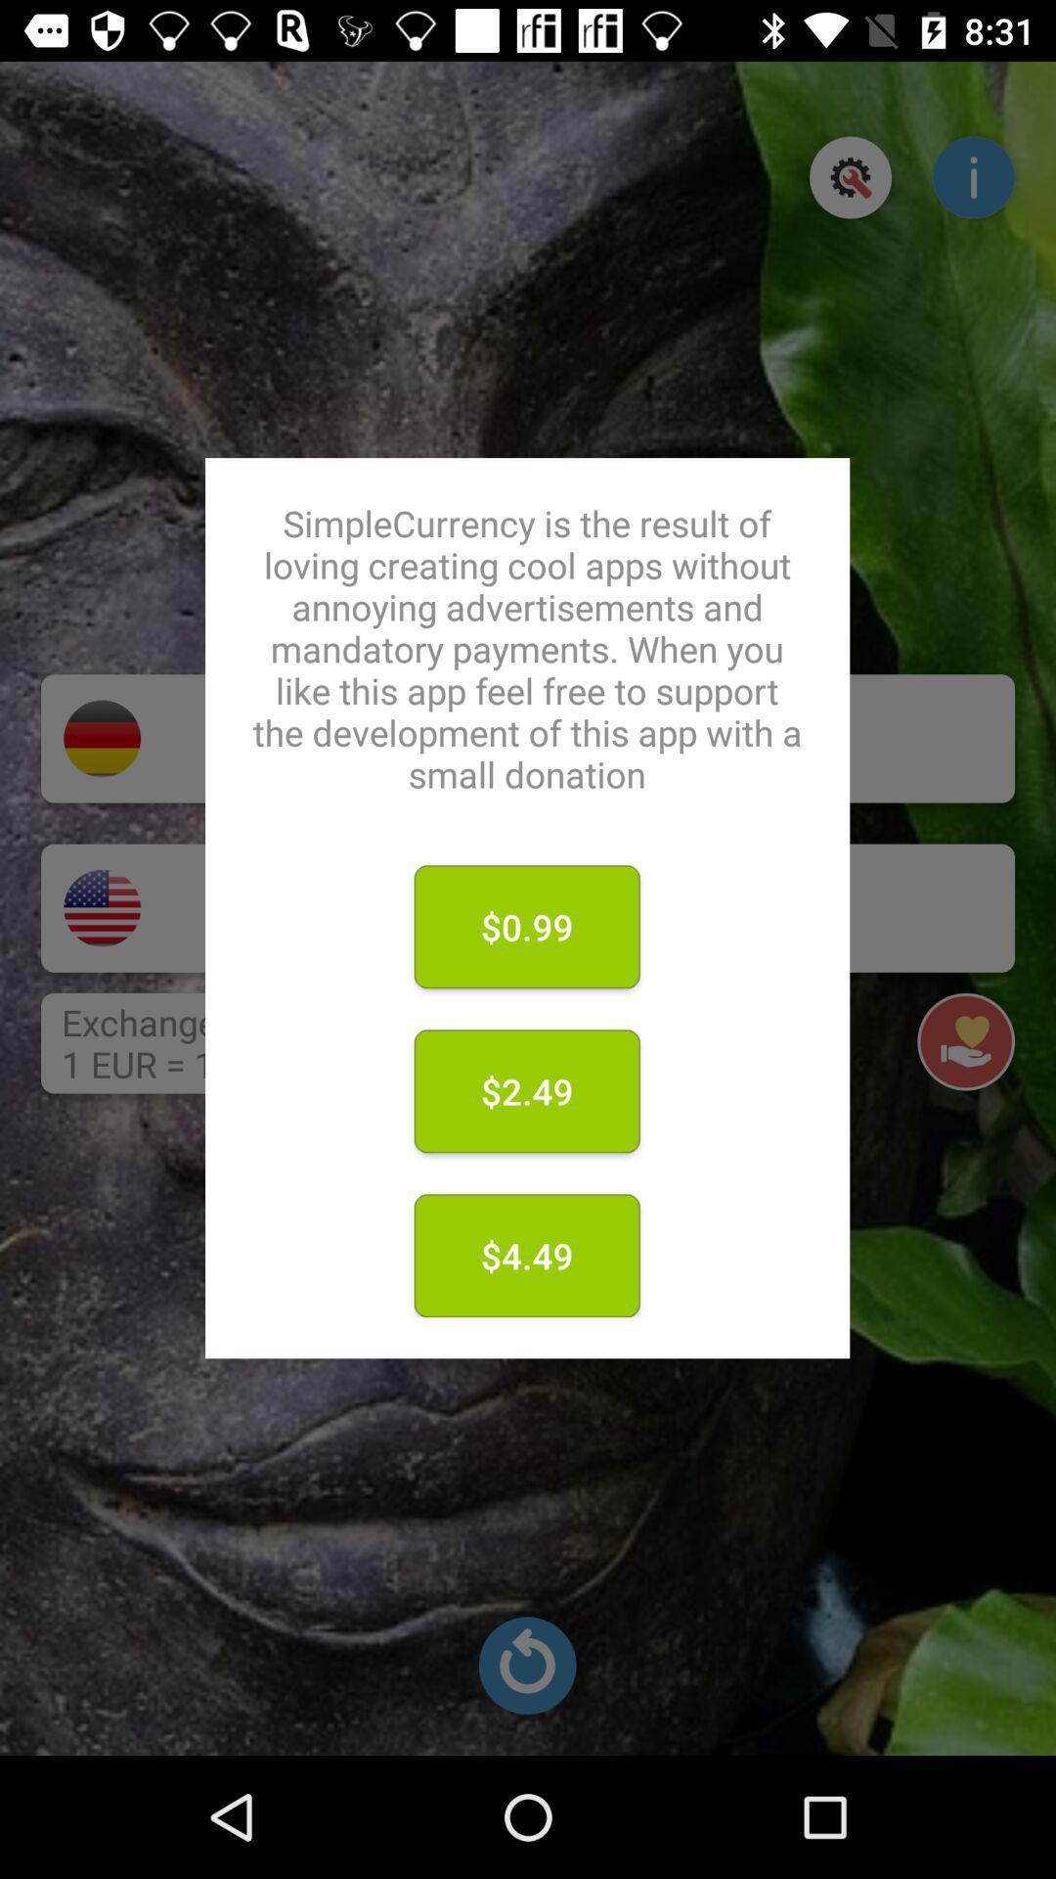  What do you see at coordinates (102, 907) in the screenshot?
I see `country currency symbol` at bounding box center [102, 907].